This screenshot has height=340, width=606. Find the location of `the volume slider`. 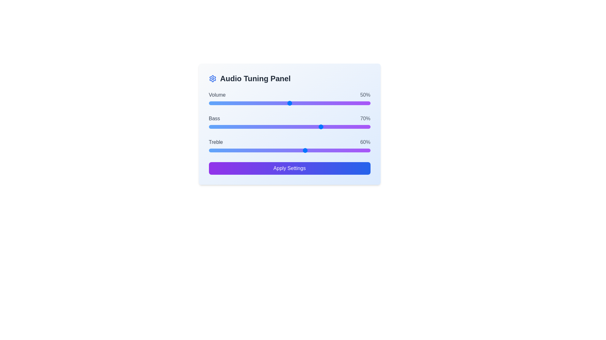

the volume slider is located at coordinates (256, 103).